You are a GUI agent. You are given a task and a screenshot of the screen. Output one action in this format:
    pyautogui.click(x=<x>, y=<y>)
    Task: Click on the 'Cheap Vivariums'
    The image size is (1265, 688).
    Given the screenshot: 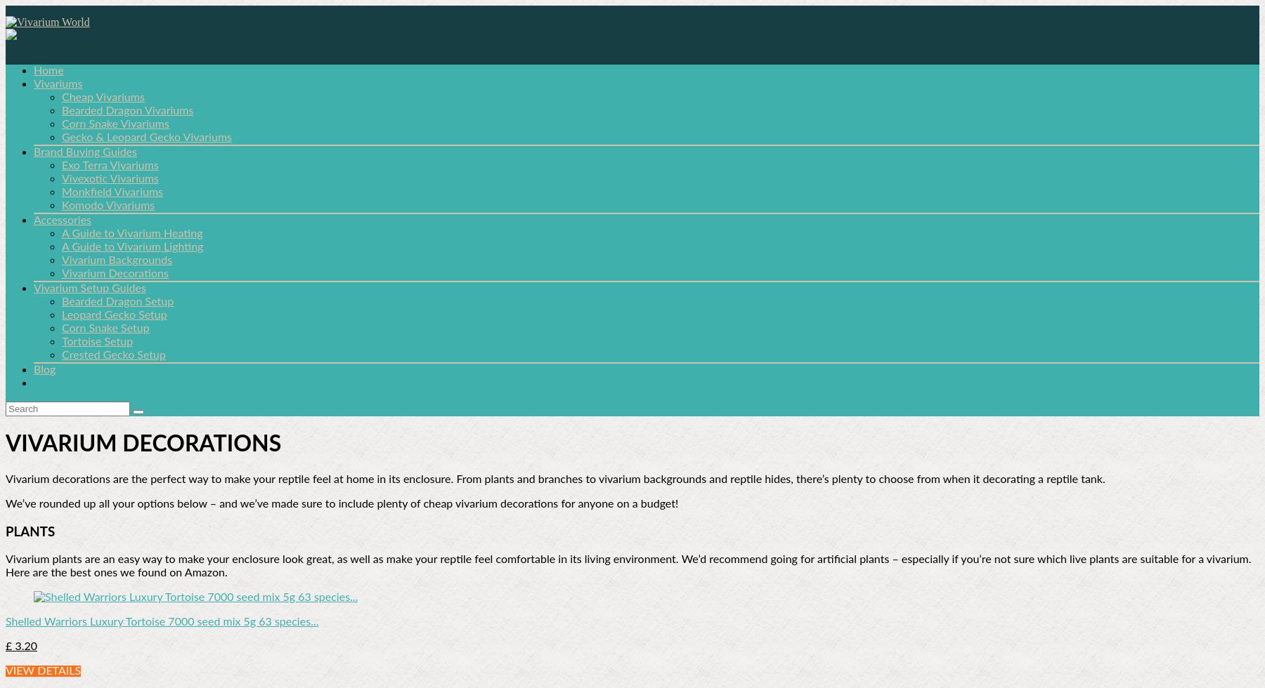 What is the action you would take?
    pyautogui.click(x=103, y=97)
    